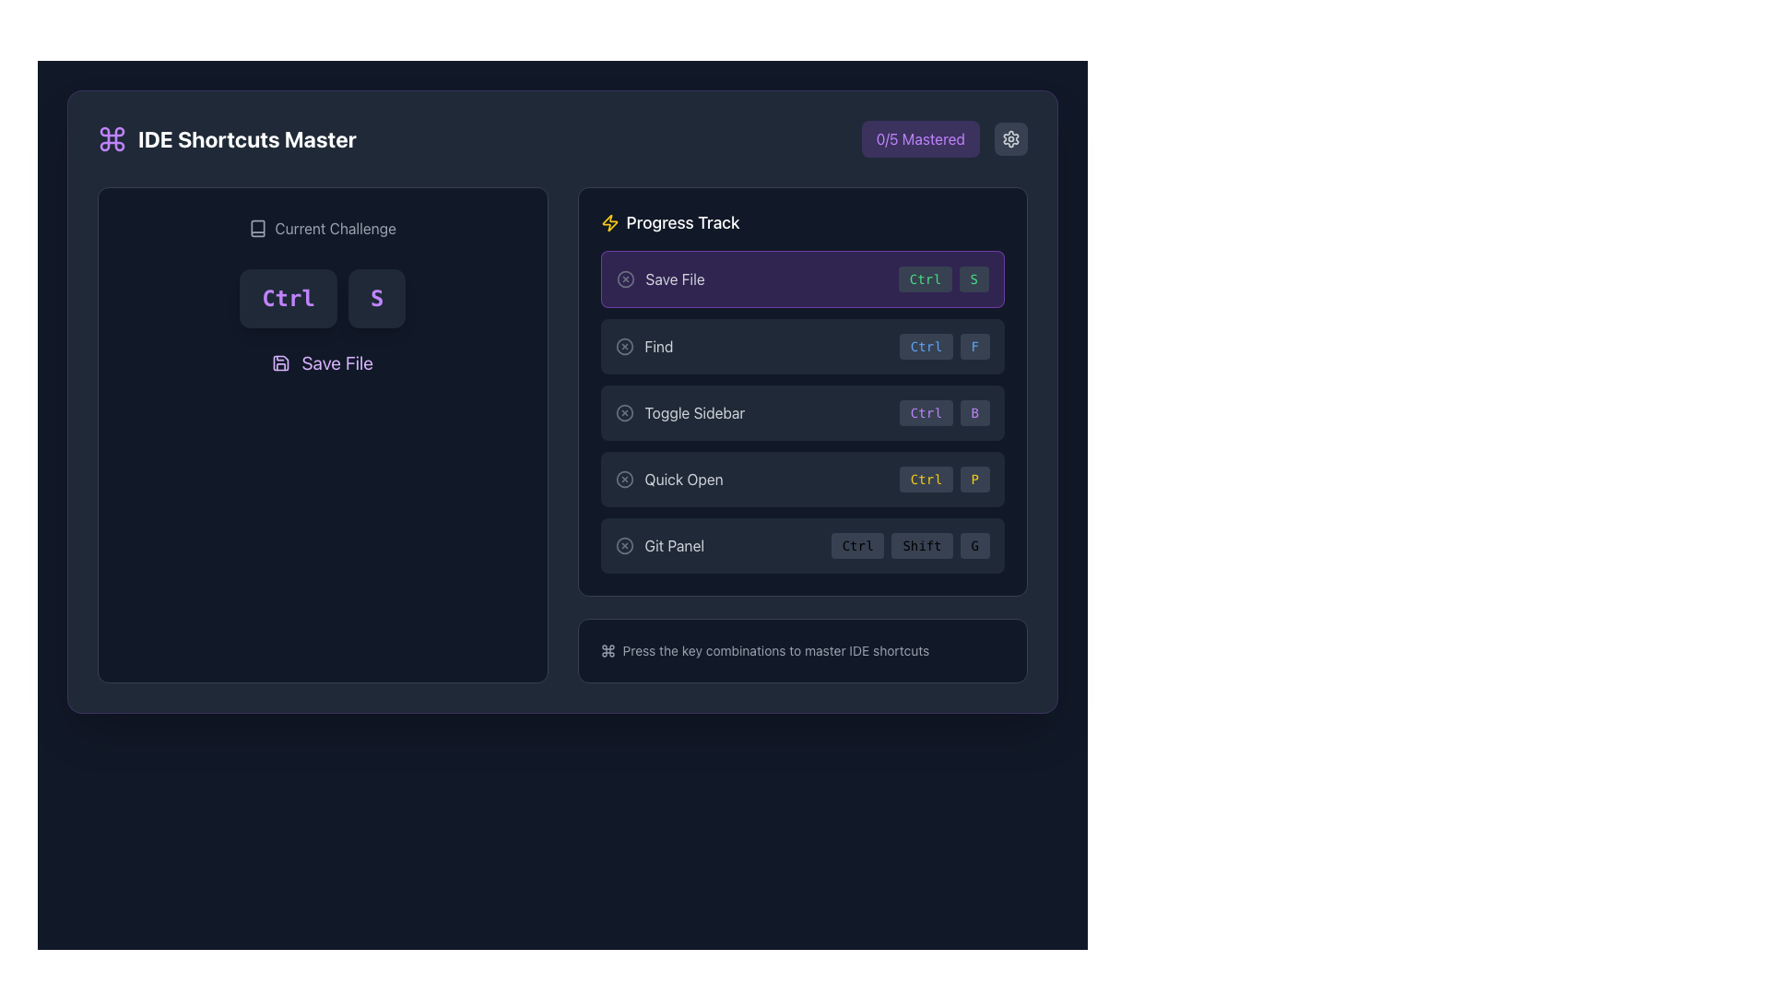  I want to click on the 'Save File' label with floppy disk icon, which is the second item in the vertical stack on the left section of the interface, so click(323, 362).